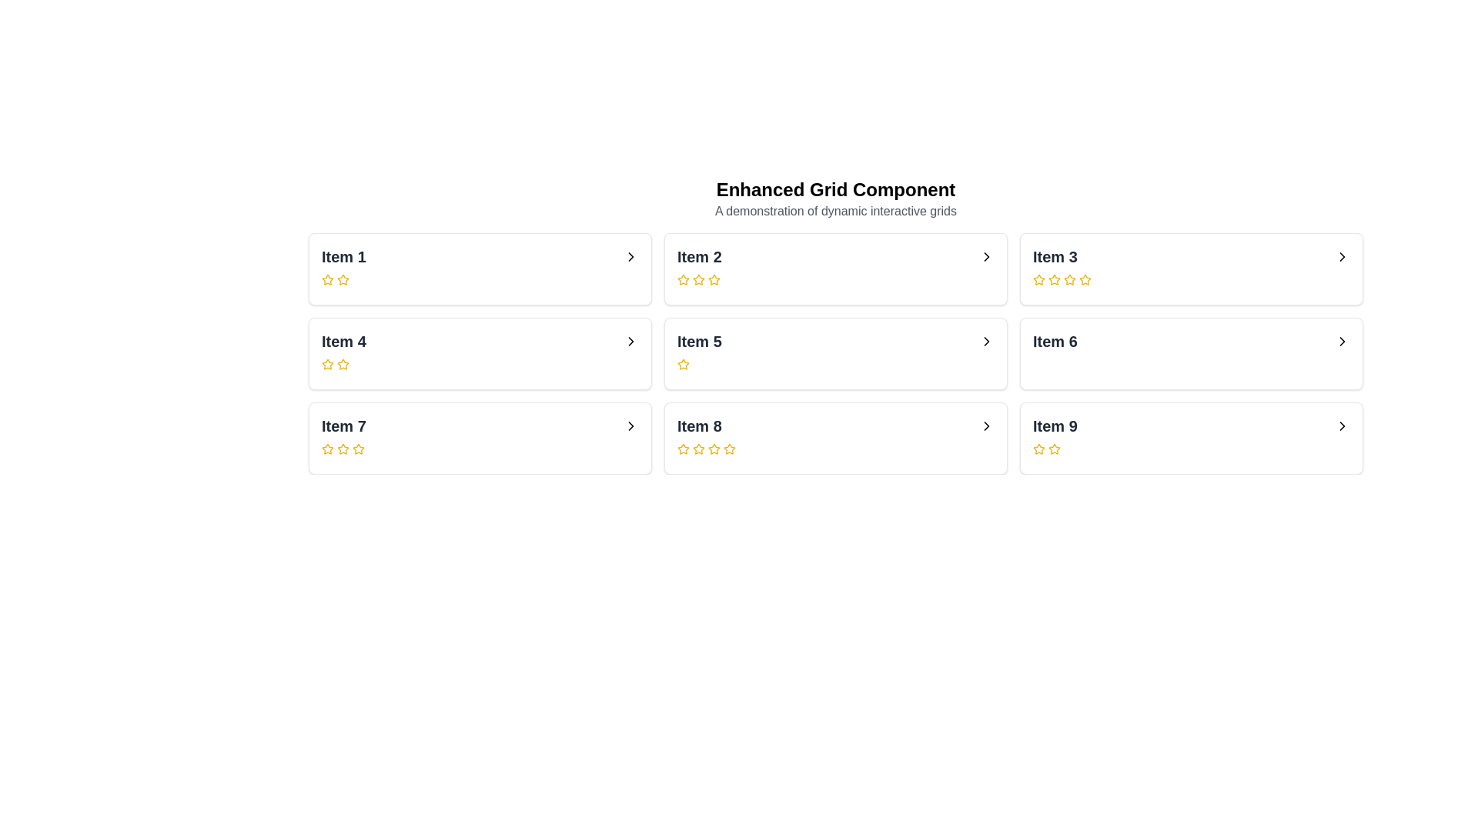  Describe the element at coordinates (712, 279) in the screenshot. I see `the second star icon in the rating system located under 'Item 2'` at that location.